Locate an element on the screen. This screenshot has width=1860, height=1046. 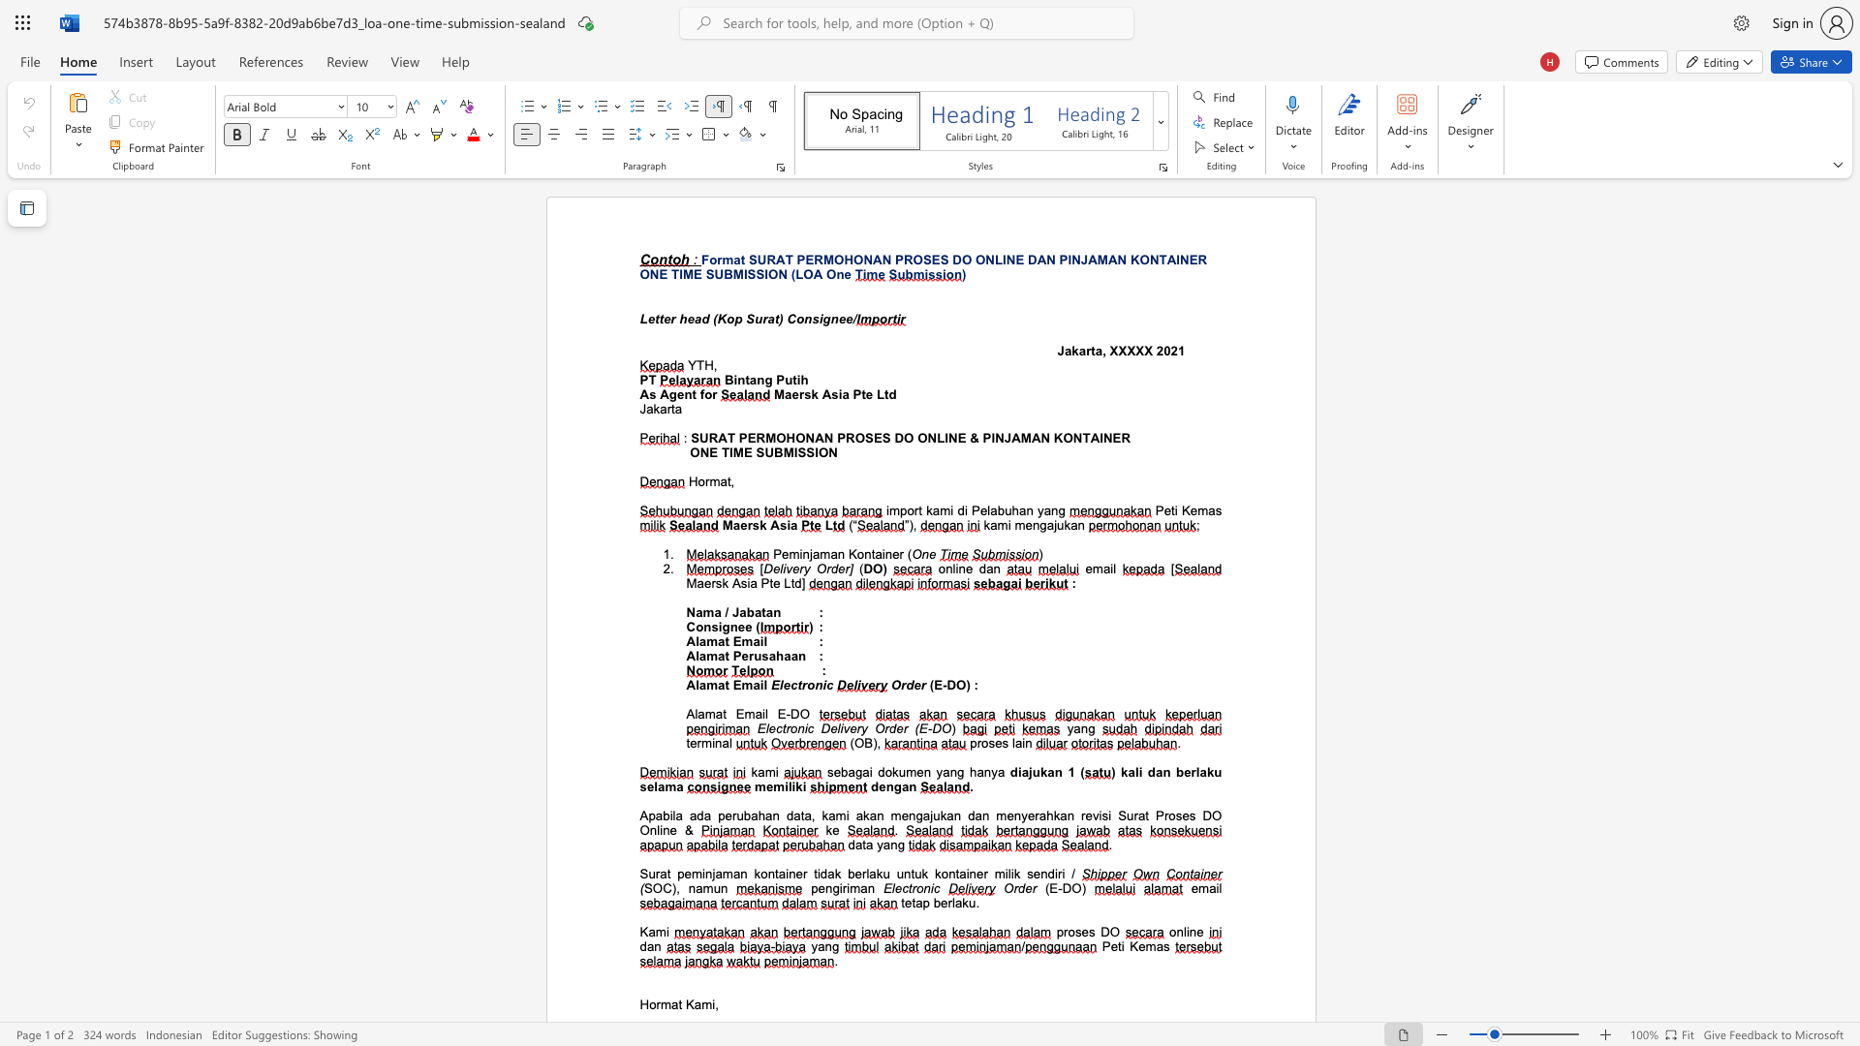
the space between the continuous character "a" and "t" in the text is located at coordinates (772, 318).